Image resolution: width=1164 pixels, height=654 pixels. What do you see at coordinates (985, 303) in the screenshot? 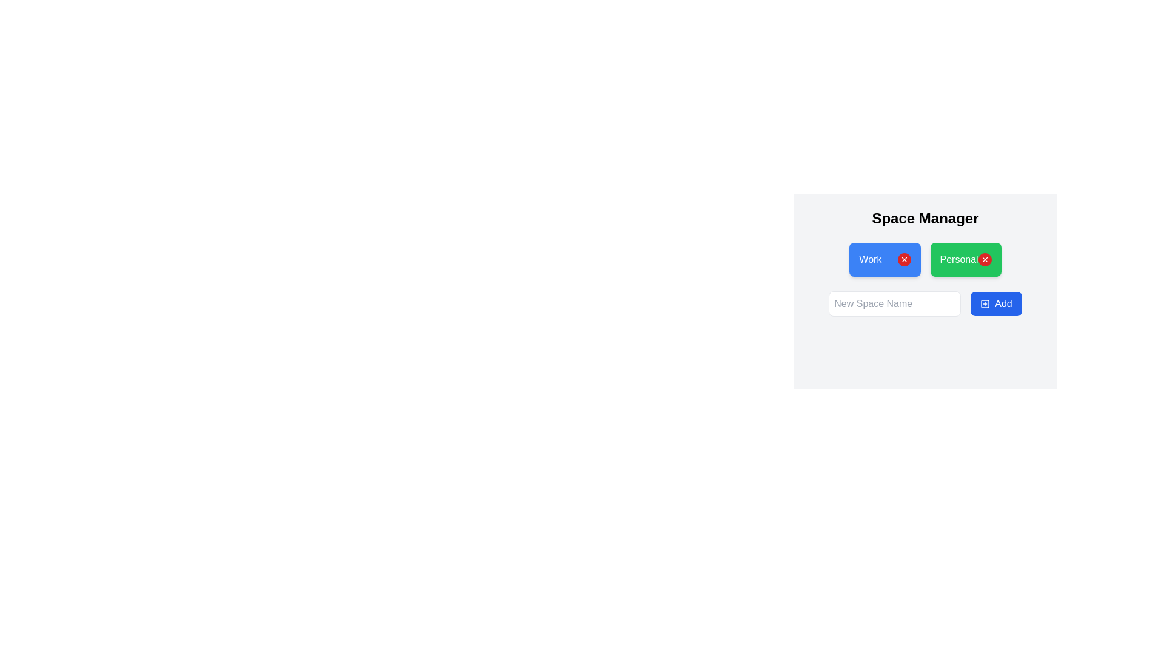
I see `the small square-shaped SVG component with rounded corners located near the 'Add' button` at bounding box center [985, 303].